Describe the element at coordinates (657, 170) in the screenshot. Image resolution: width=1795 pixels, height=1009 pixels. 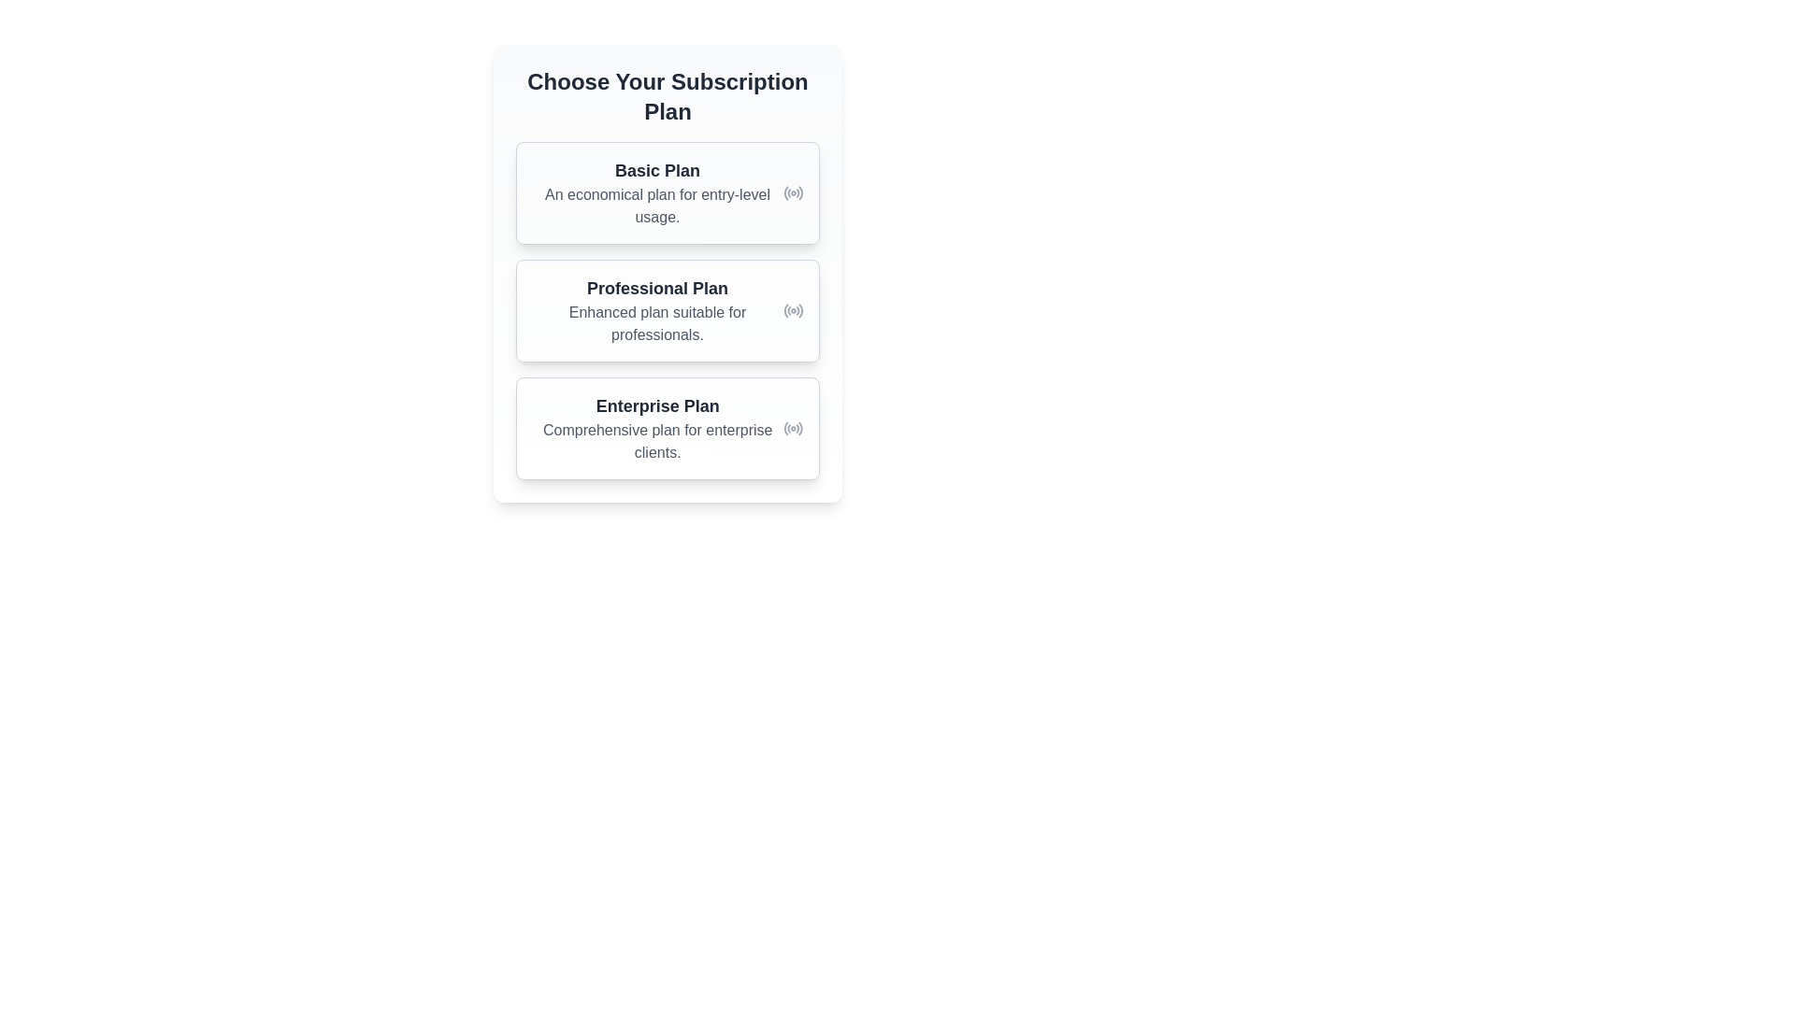
I see `the text element displaying 'Basic Plan', which is styled with a large bold font and positioned at the top of the subscription plans list` at that location.